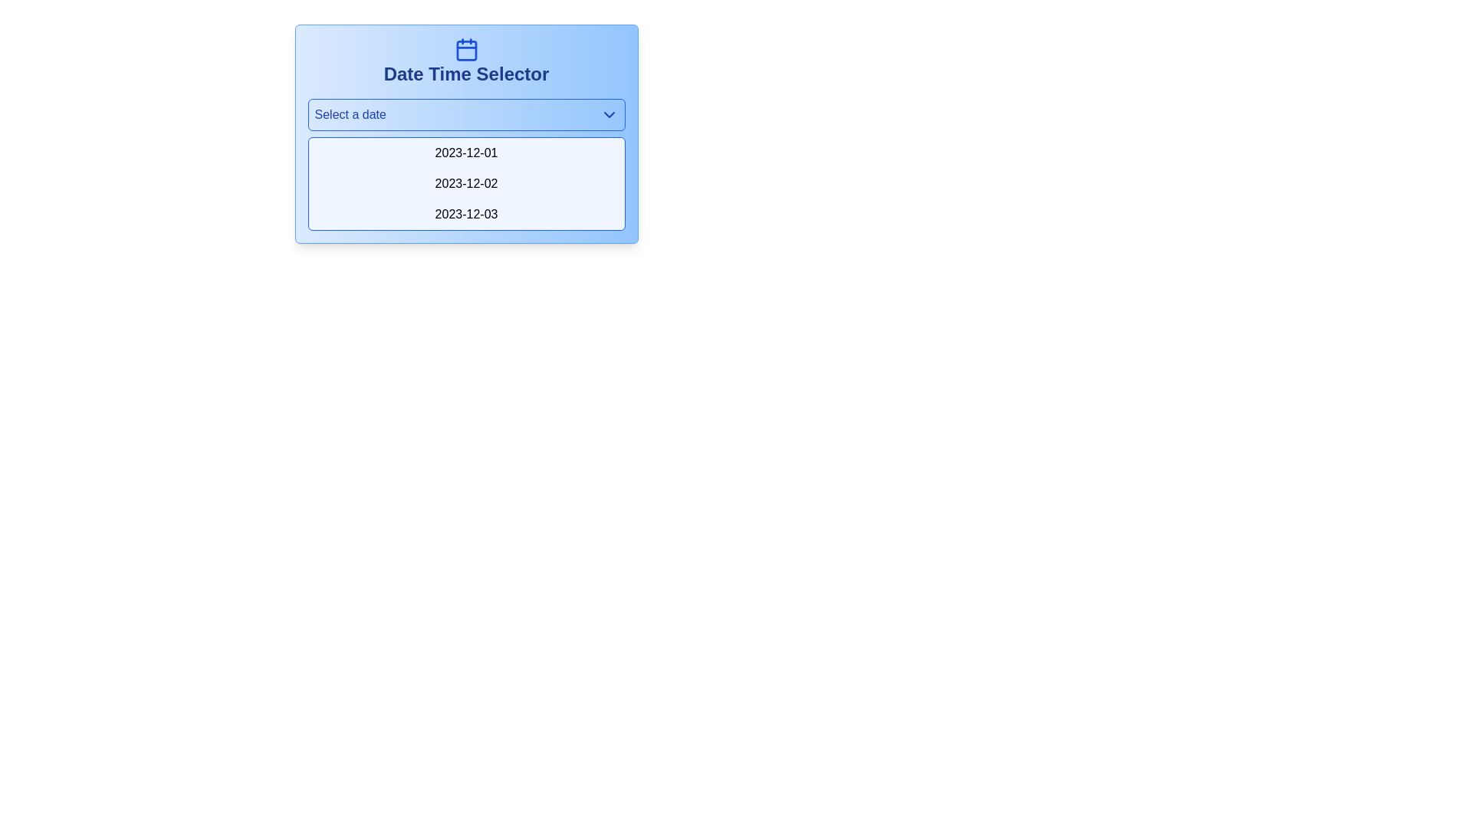  Describe the element at coordinates (608, 114) in the screenshot. I see `the dark blue downward-facing chevron icon located on the rightmost side of the 'Select a date' button` at that location.